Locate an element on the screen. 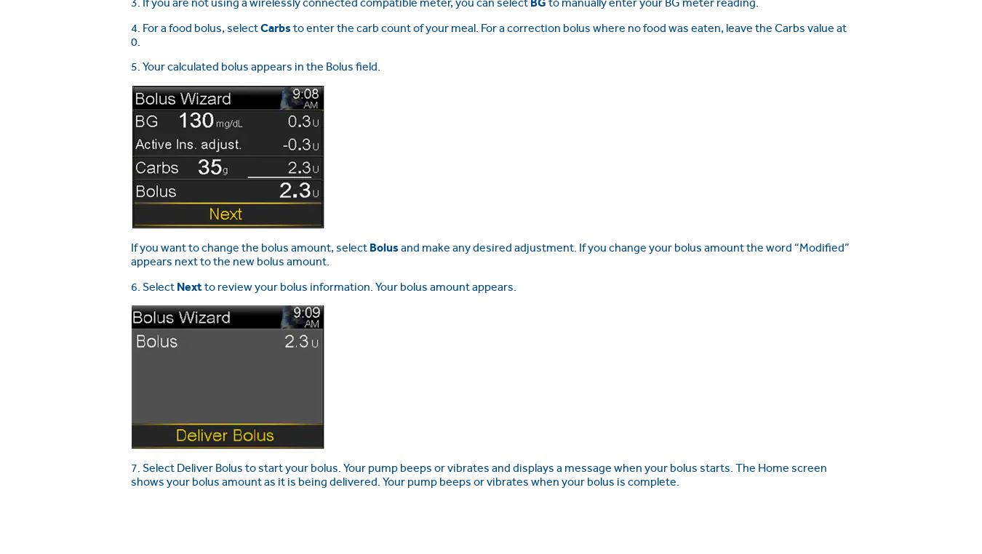  '7.	Select Deliver Bolus to start your bolus. Your pump beeps or vibrates and displays a message when your bolus starts. The Home screen shows your bolus amount as it is being delivered. Your pump beeps or vibrates when your bolus is complete.' is located at coordinates (479, 473).